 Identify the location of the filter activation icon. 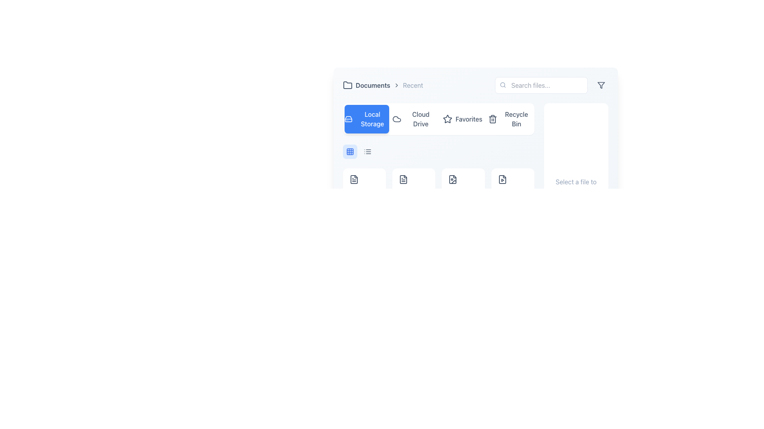
(601, 85).